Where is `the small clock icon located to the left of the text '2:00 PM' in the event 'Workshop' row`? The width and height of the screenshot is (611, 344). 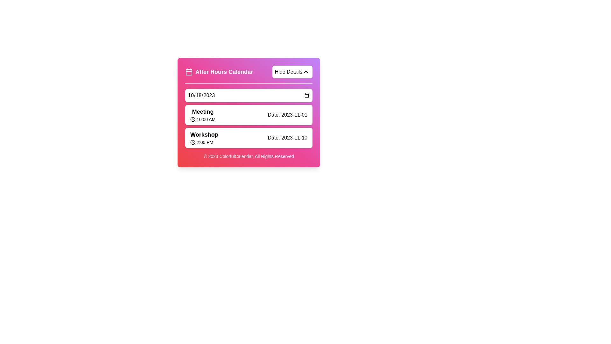
the small clock icon located to the left of the text '2:00 PM' in the event 'Workshop' row is located at coordinates (192, 142).